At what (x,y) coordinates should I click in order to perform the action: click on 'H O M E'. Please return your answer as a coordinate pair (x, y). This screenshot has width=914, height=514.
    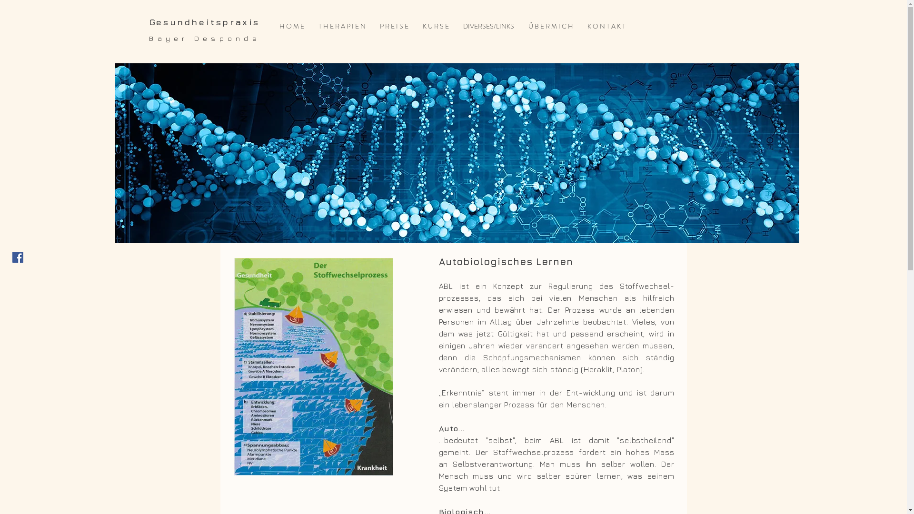
    Looking at the image, I should click on (291, 26).